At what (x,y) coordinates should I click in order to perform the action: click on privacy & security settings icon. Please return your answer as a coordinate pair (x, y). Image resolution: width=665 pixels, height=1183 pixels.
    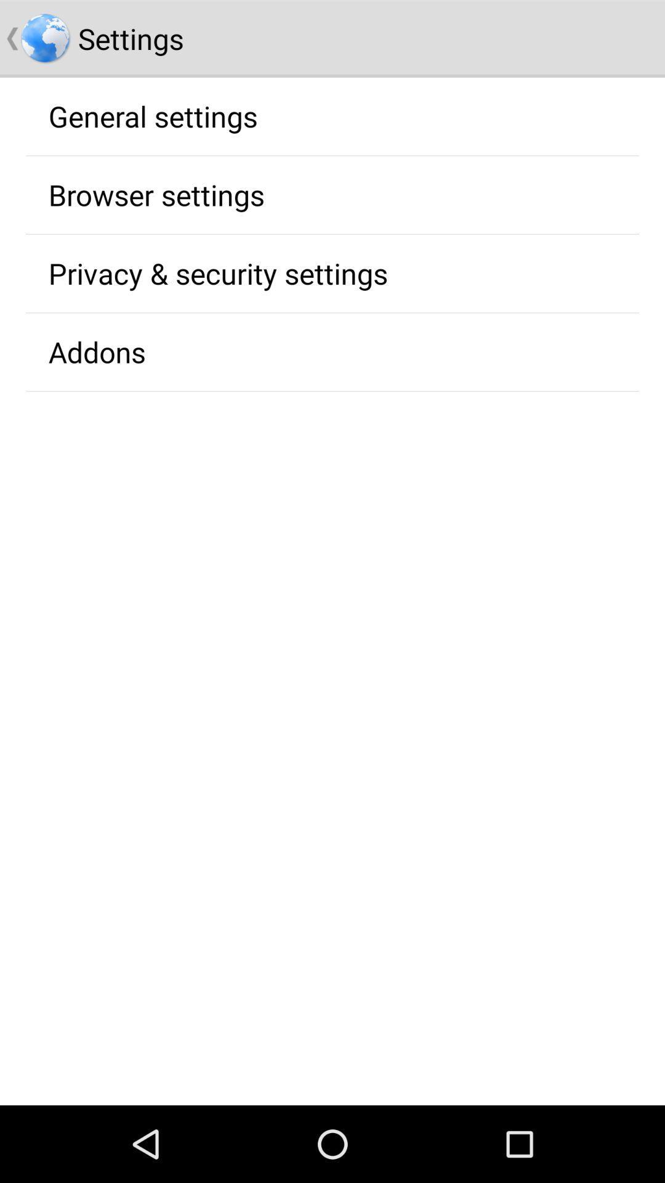
    Looking at the image, I should click on (217, 272).